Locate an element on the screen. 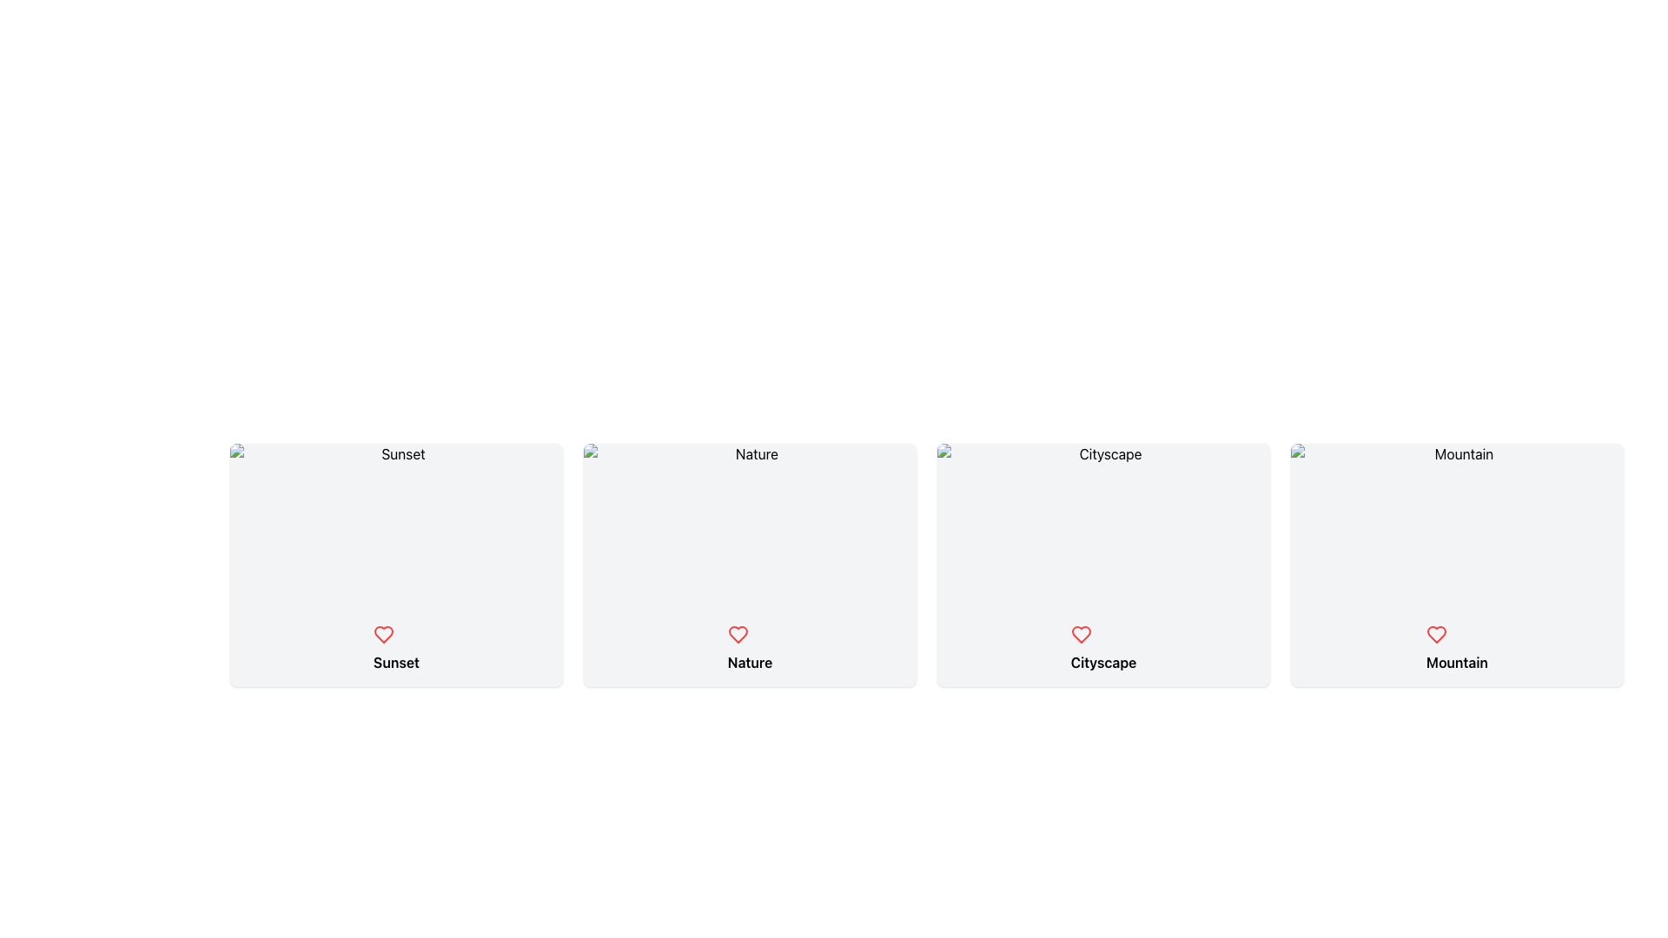 This screenshot has width=1668, height=938. the card component displaying the word 'Nature' with a heart icon in a red color theme, which is the second card in a horizontal list of similar cards is located at coordinates (750, 649).